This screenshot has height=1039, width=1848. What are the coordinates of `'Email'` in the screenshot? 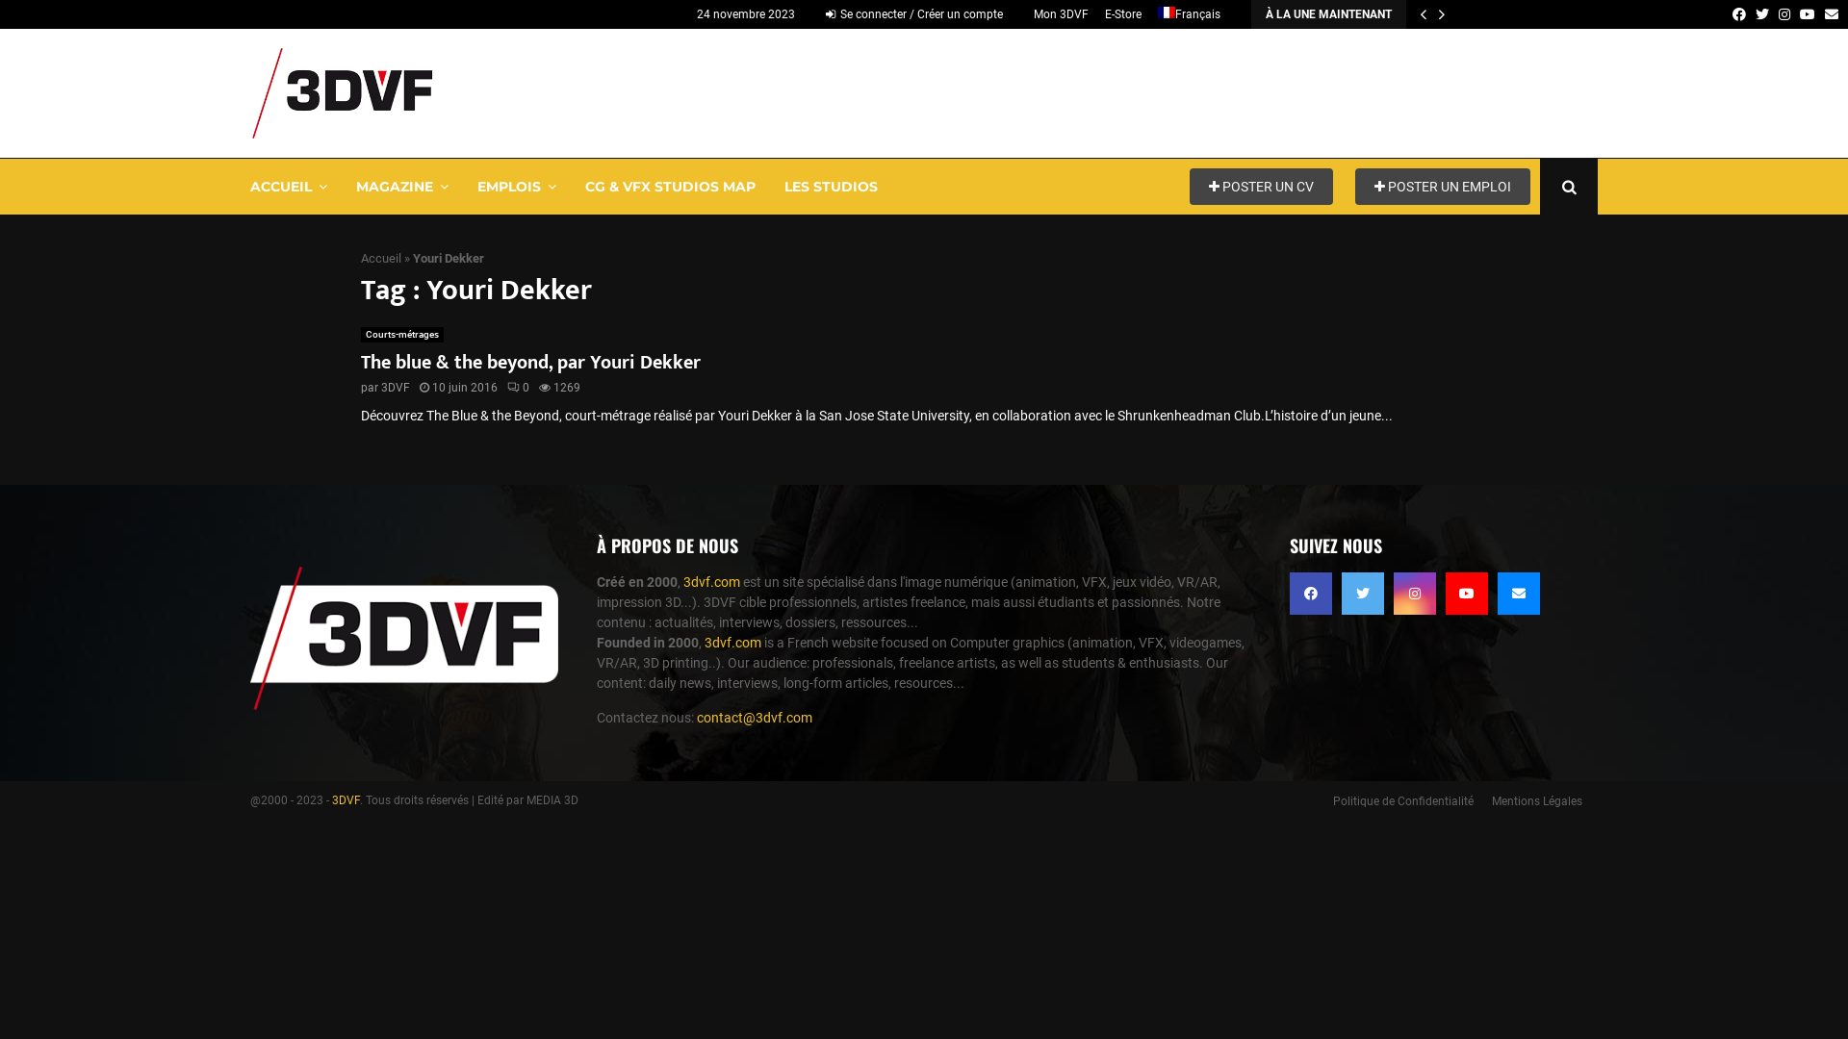 It's located at (1518, 593).